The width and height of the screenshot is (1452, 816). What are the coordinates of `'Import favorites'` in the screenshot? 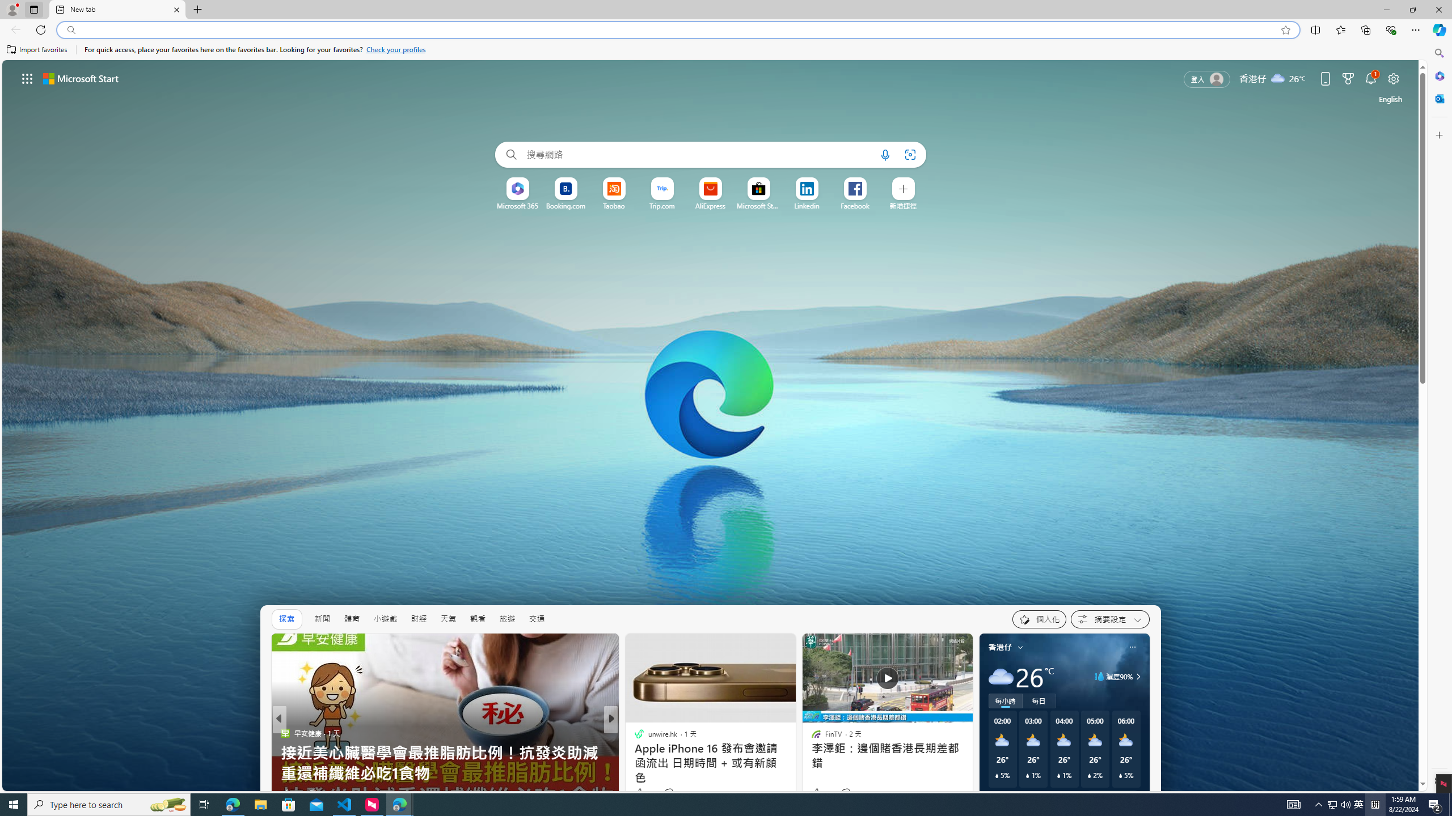 It's located at (37, 49).